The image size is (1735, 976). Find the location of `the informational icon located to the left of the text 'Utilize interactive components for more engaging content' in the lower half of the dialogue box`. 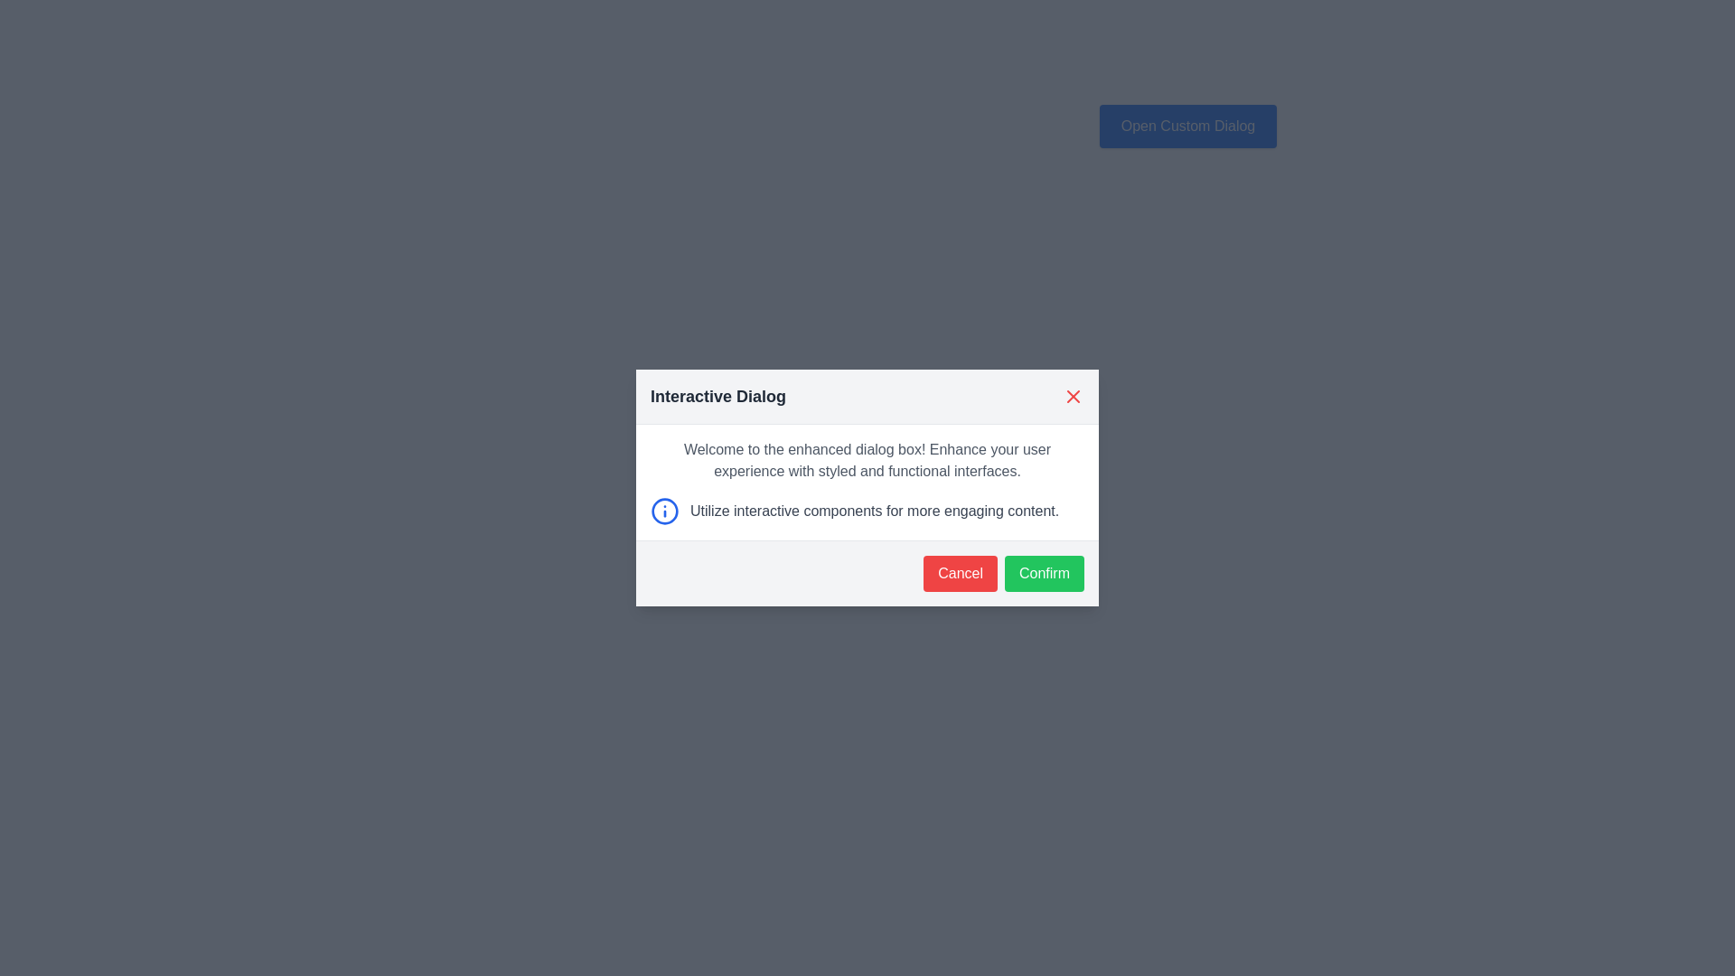

the informational icon located to the left of the text 'Utilize interactive components for more engaging content' in the lower half of the dialogue box is located at coordinates (663, 511).